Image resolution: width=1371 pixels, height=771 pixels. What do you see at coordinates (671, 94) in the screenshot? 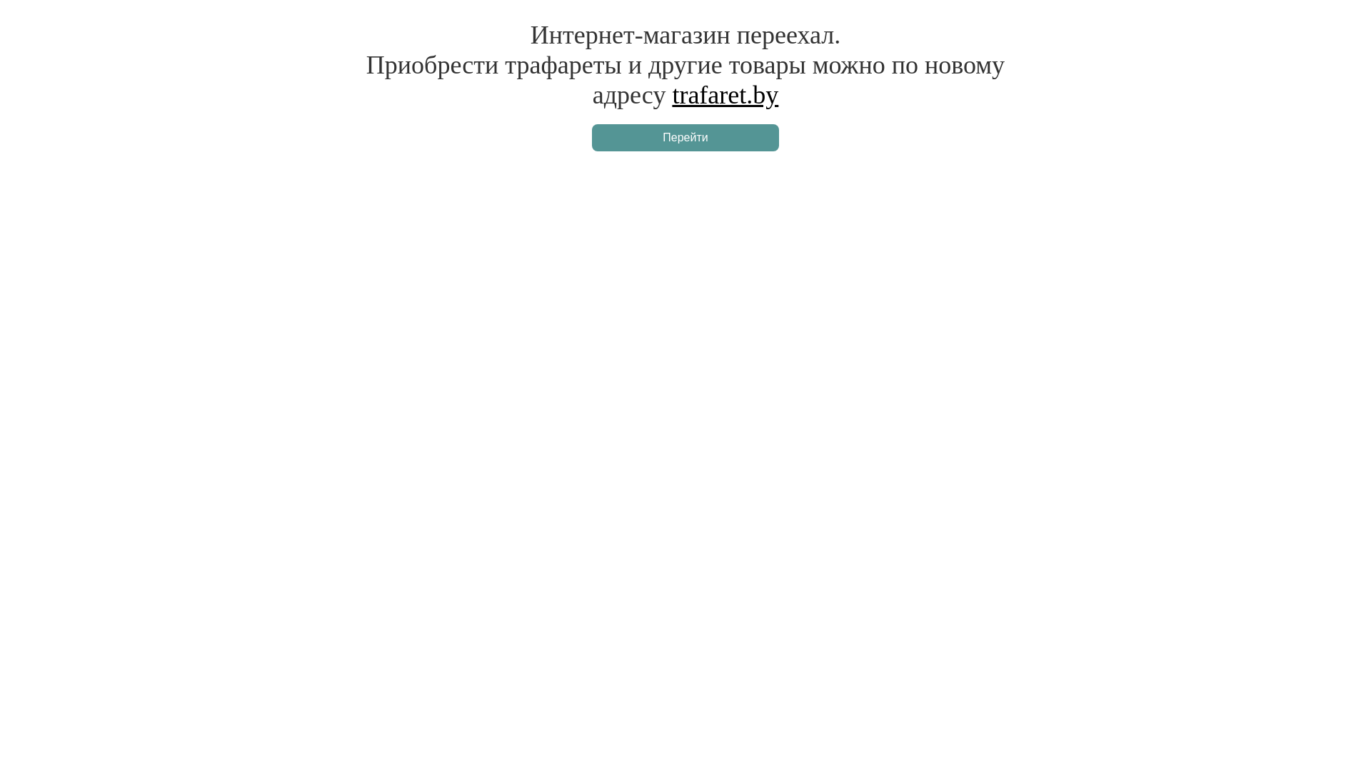
I see `'trafaret.by'` at bounding box center [671, 94].